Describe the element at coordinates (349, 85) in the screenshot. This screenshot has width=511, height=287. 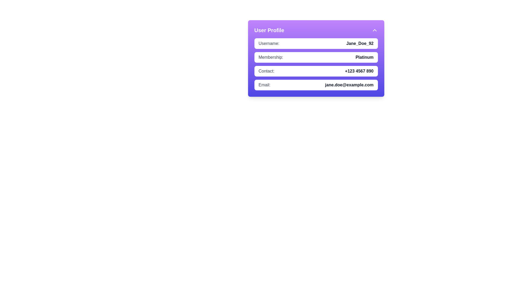
I see `the static text displaying the email address 'jane.doe@example.com' located in the bottom section of the 'User Profile' card, aligned with the 'Email:' label` at that location.